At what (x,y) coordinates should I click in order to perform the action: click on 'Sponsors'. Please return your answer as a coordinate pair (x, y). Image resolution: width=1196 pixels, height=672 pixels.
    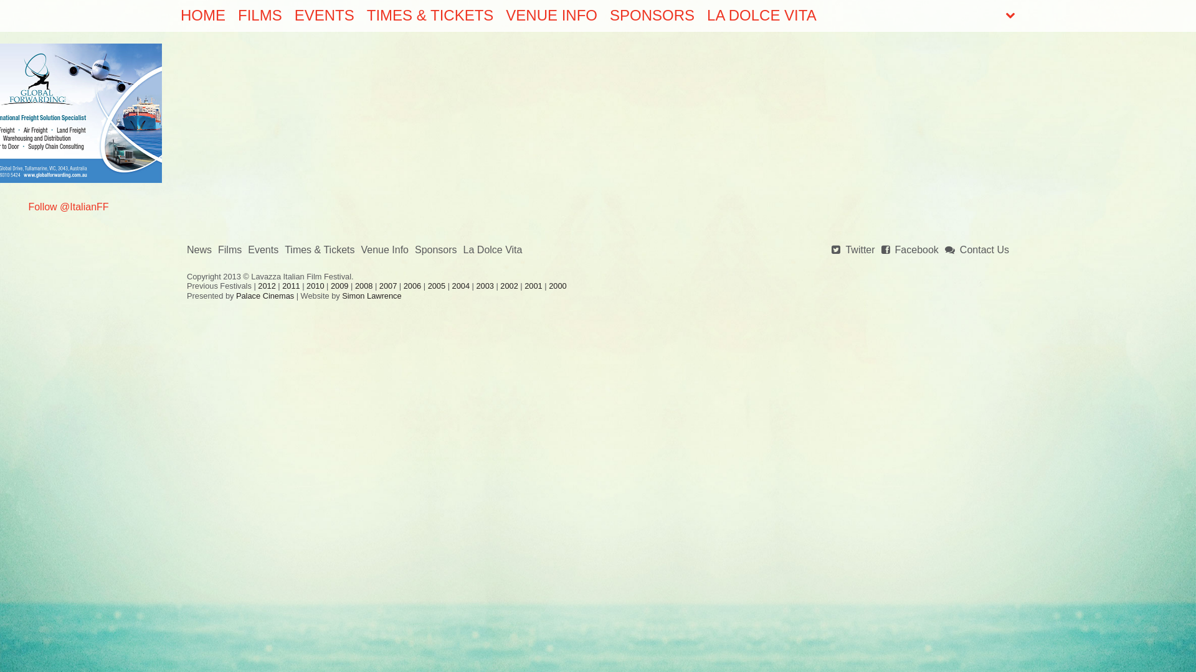
    Looking at the image, I should click on (436, 250).